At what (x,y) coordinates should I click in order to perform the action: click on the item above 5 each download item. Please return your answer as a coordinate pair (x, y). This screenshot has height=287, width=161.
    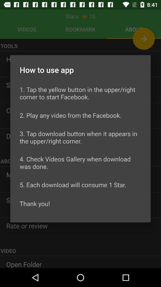
    Looking at the image, I should click on (80, 163).